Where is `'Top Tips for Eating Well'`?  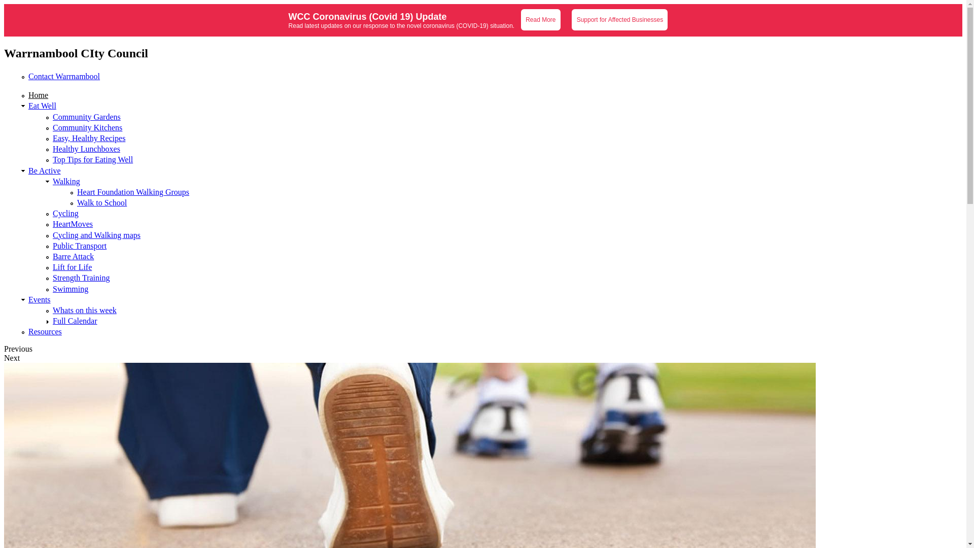 'Top Tips for Eating Well' is located at coordinates (92, 159).